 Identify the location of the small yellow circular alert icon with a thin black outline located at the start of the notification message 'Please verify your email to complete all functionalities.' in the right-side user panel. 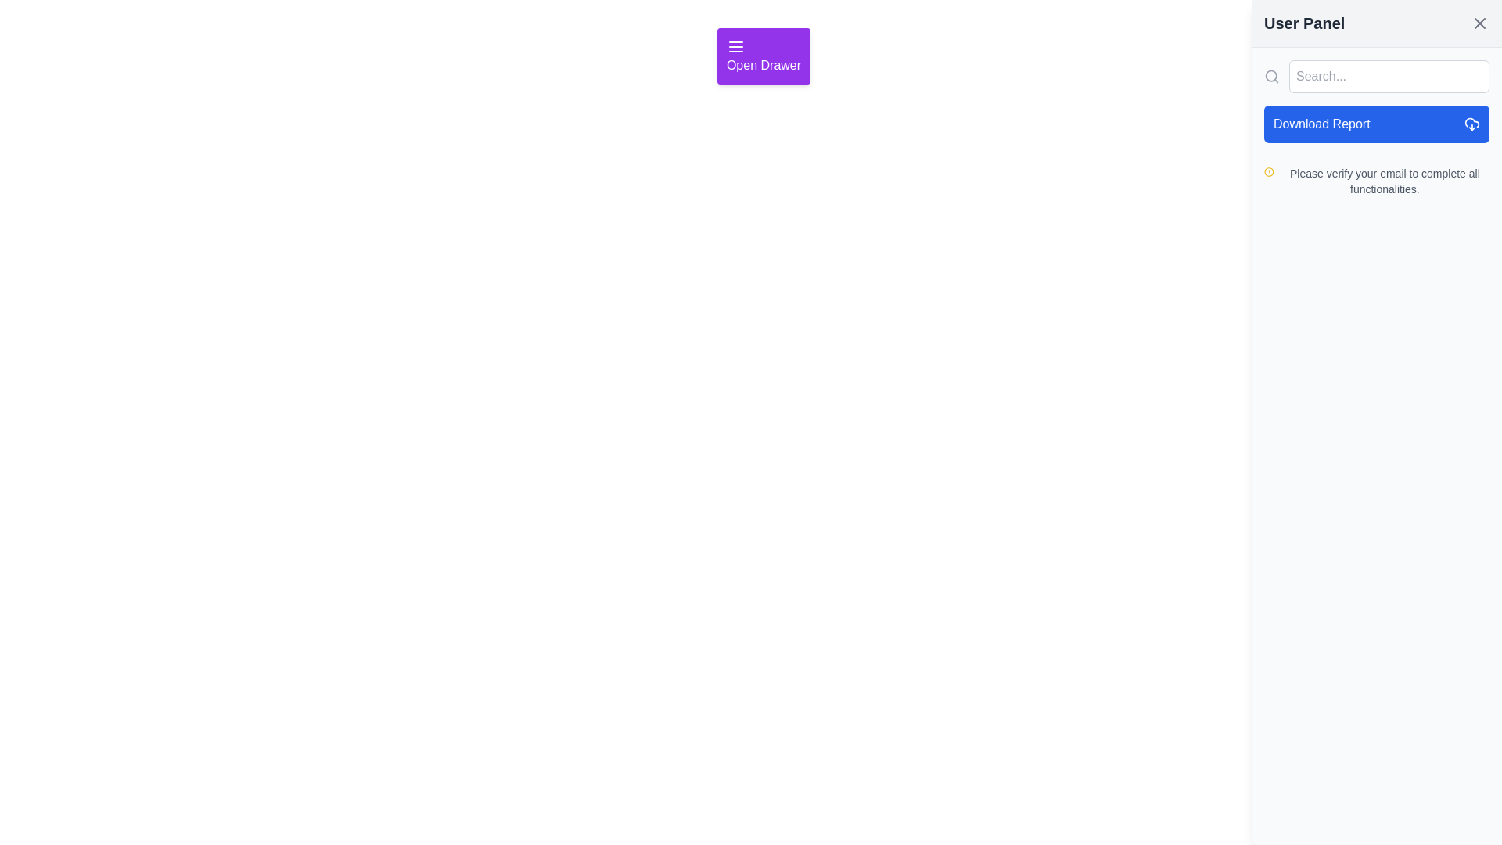
(1269, 171).